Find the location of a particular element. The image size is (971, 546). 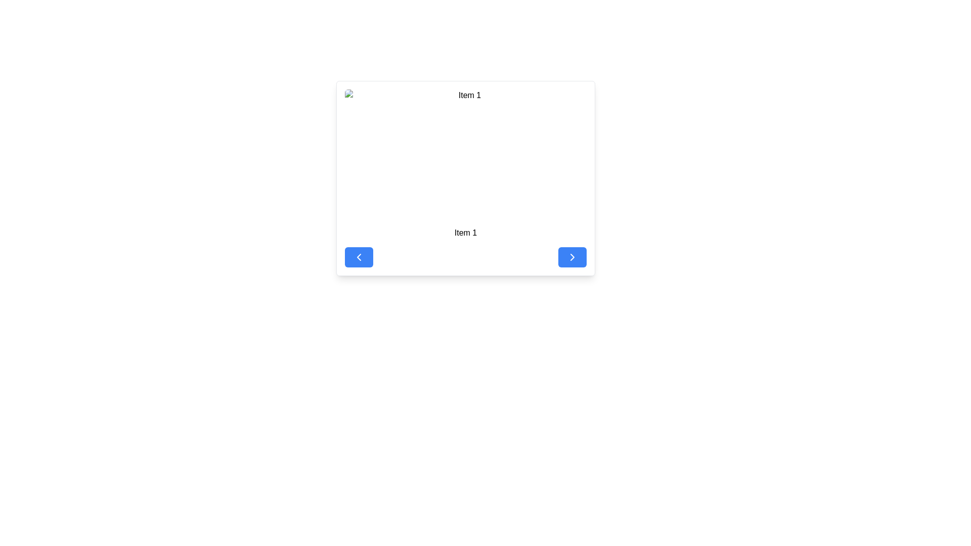

the blue rectangular button with a white left-pointing chevron icon is located at coordinates (359, 257).